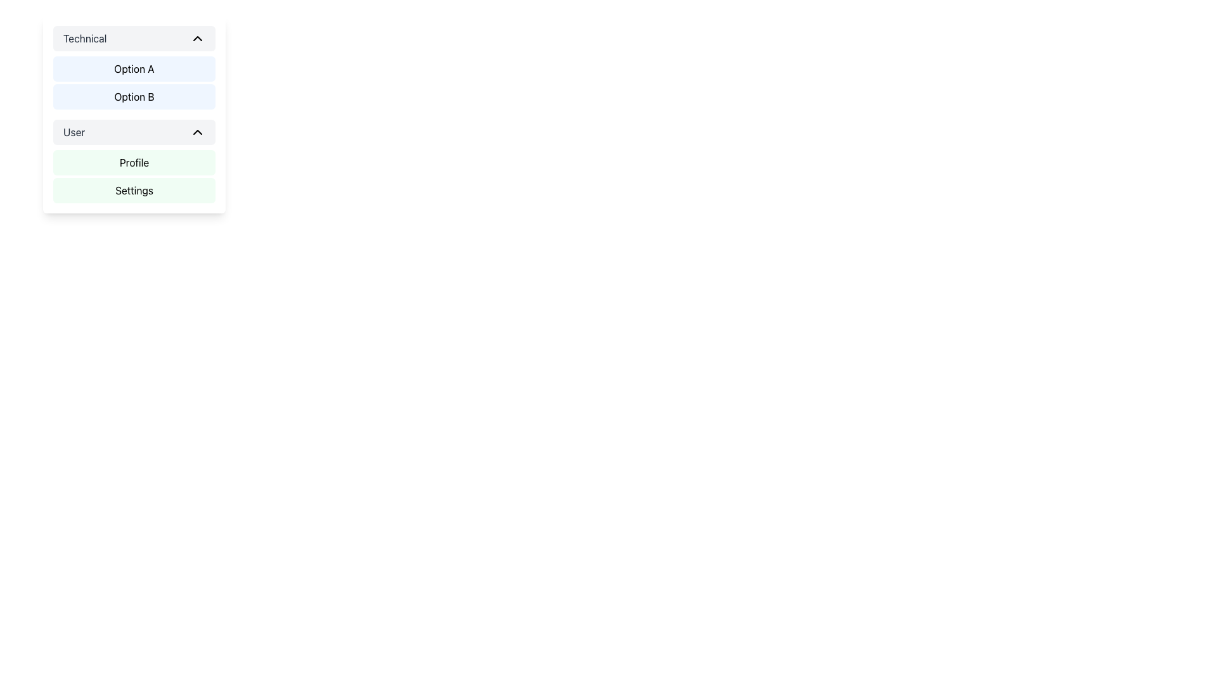 This screenshot has height=684, width=1217. What do you see at coordinates (134, 162) in the screenshot?
I see `the navigational button labeled 'Profile' located above the 'Settings' button in the 'User' section of the dropdown menu` at bounding box center [134, 162].